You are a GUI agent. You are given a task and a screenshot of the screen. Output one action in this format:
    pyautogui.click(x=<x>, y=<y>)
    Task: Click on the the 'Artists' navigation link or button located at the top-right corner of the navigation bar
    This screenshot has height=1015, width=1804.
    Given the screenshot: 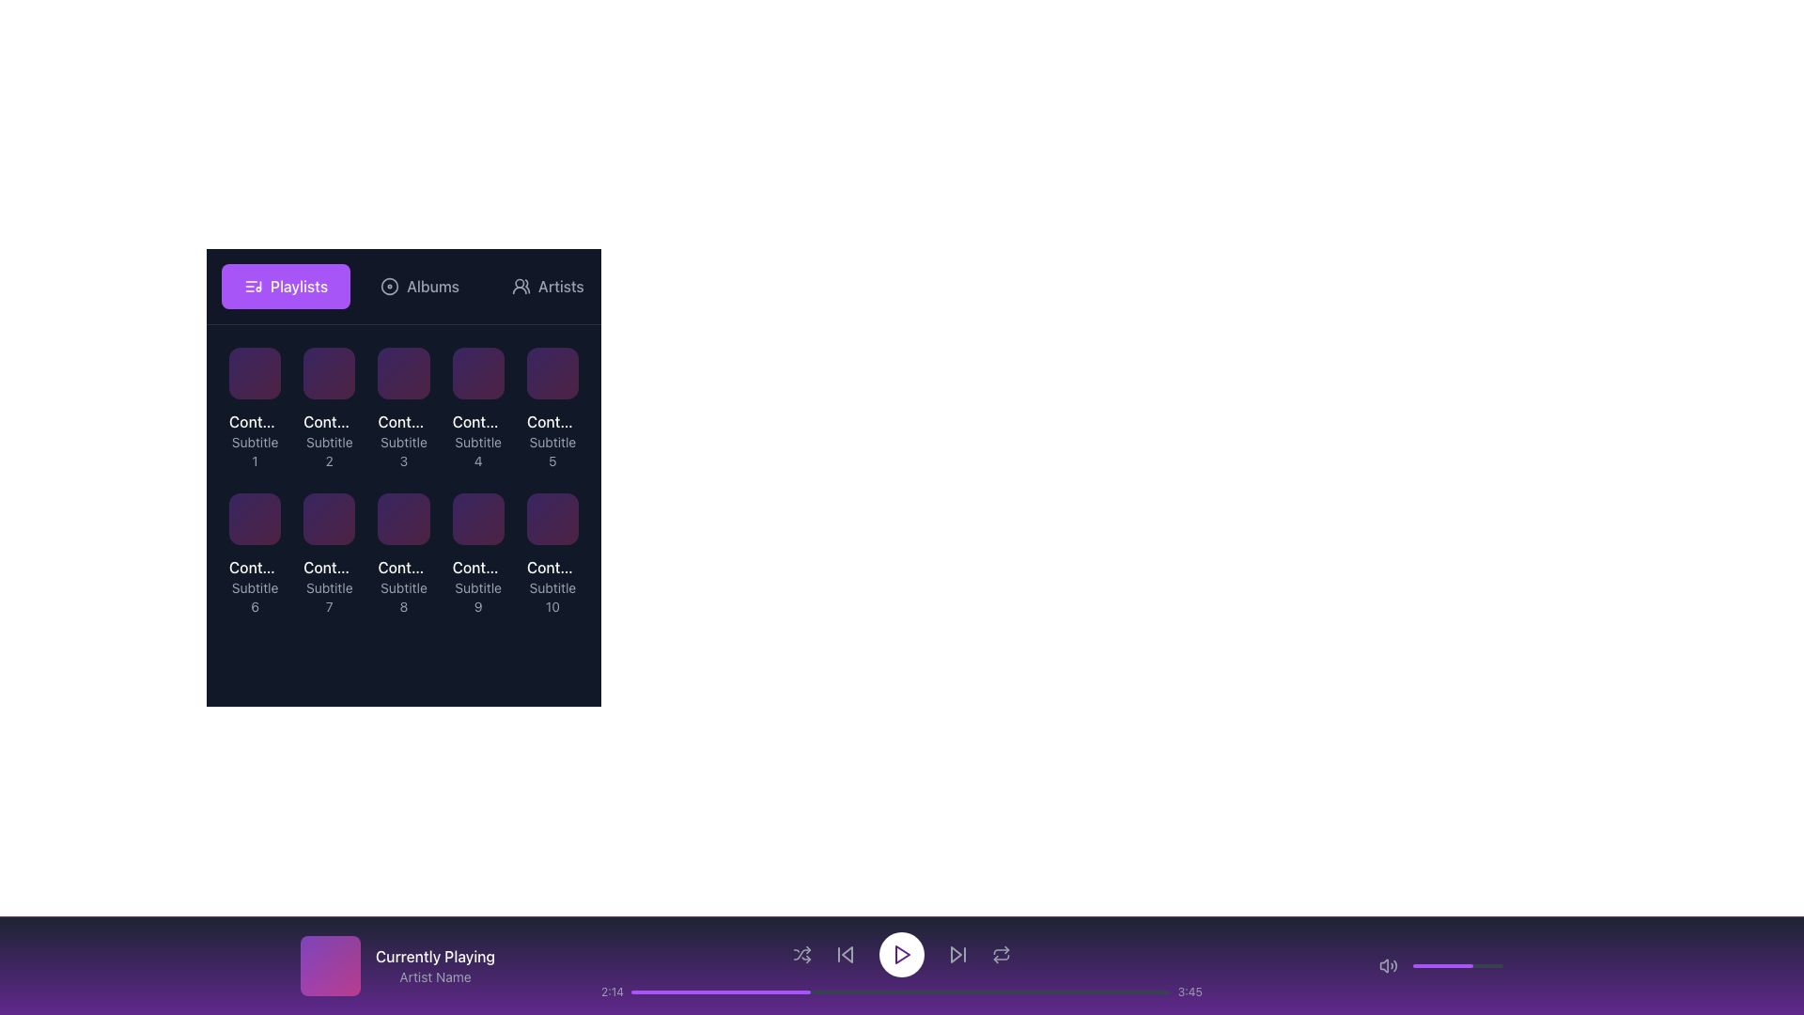 What is the action you would take?
    pyautogui.click(x=560, y=286)
    